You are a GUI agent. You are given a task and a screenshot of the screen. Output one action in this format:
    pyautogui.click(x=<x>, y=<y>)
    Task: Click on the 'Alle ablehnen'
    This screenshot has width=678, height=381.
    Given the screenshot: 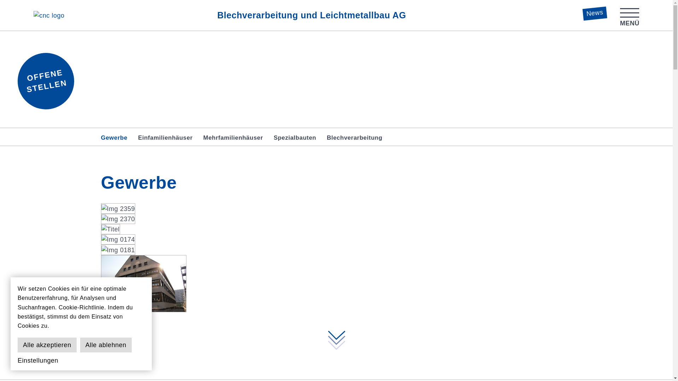 What is the action you would take?
    pyautogui.click(x=105, y=345)
    